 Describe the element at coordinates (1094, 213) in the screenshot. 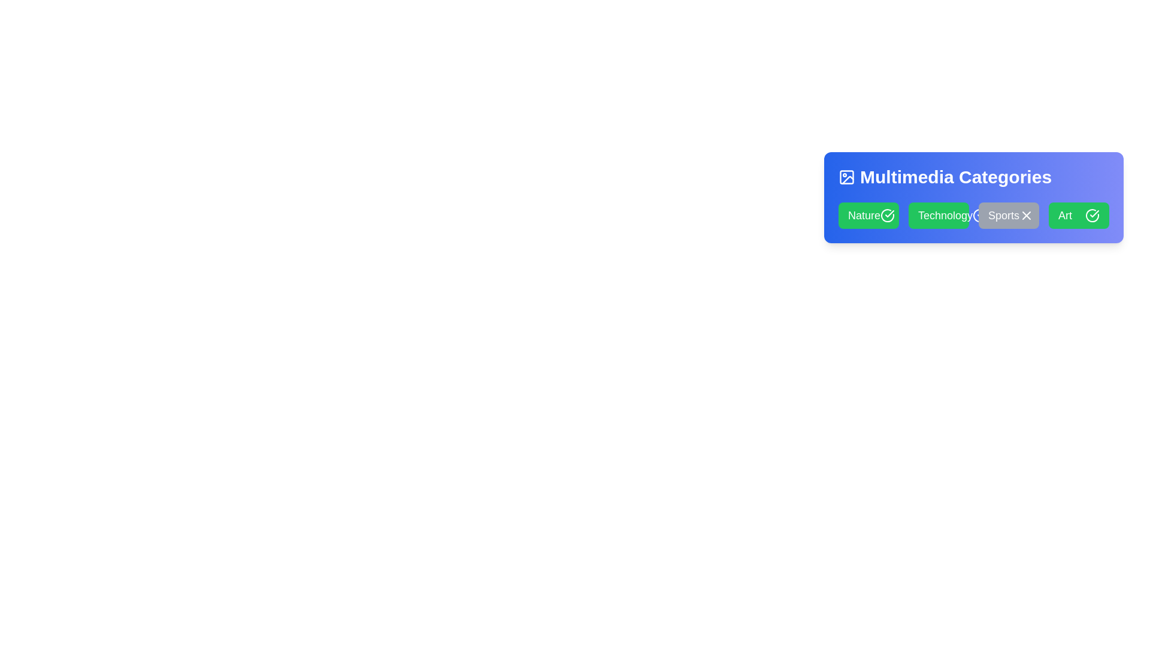

I see `the checkmark icon within the circular SVG graphic located to the left of the 'Nature' text label in the category tags` at that location.